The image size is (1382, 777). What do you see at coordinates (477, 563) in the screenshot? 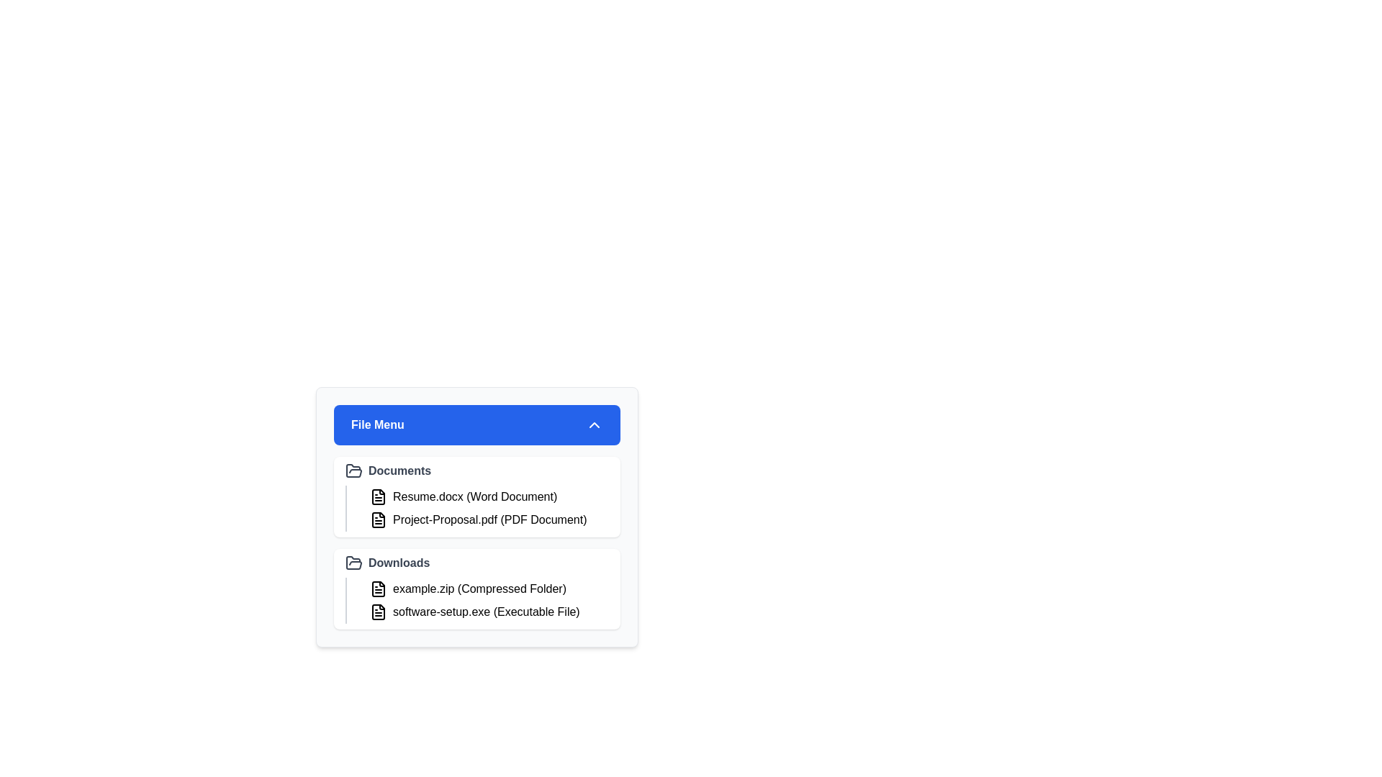
I see `the folder 'Downloads' to view its contents` at bounding box center [477, 563].